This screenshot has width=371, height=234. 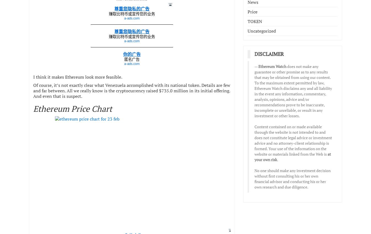 I want to click on 'Price', so click(x=252, y=12).